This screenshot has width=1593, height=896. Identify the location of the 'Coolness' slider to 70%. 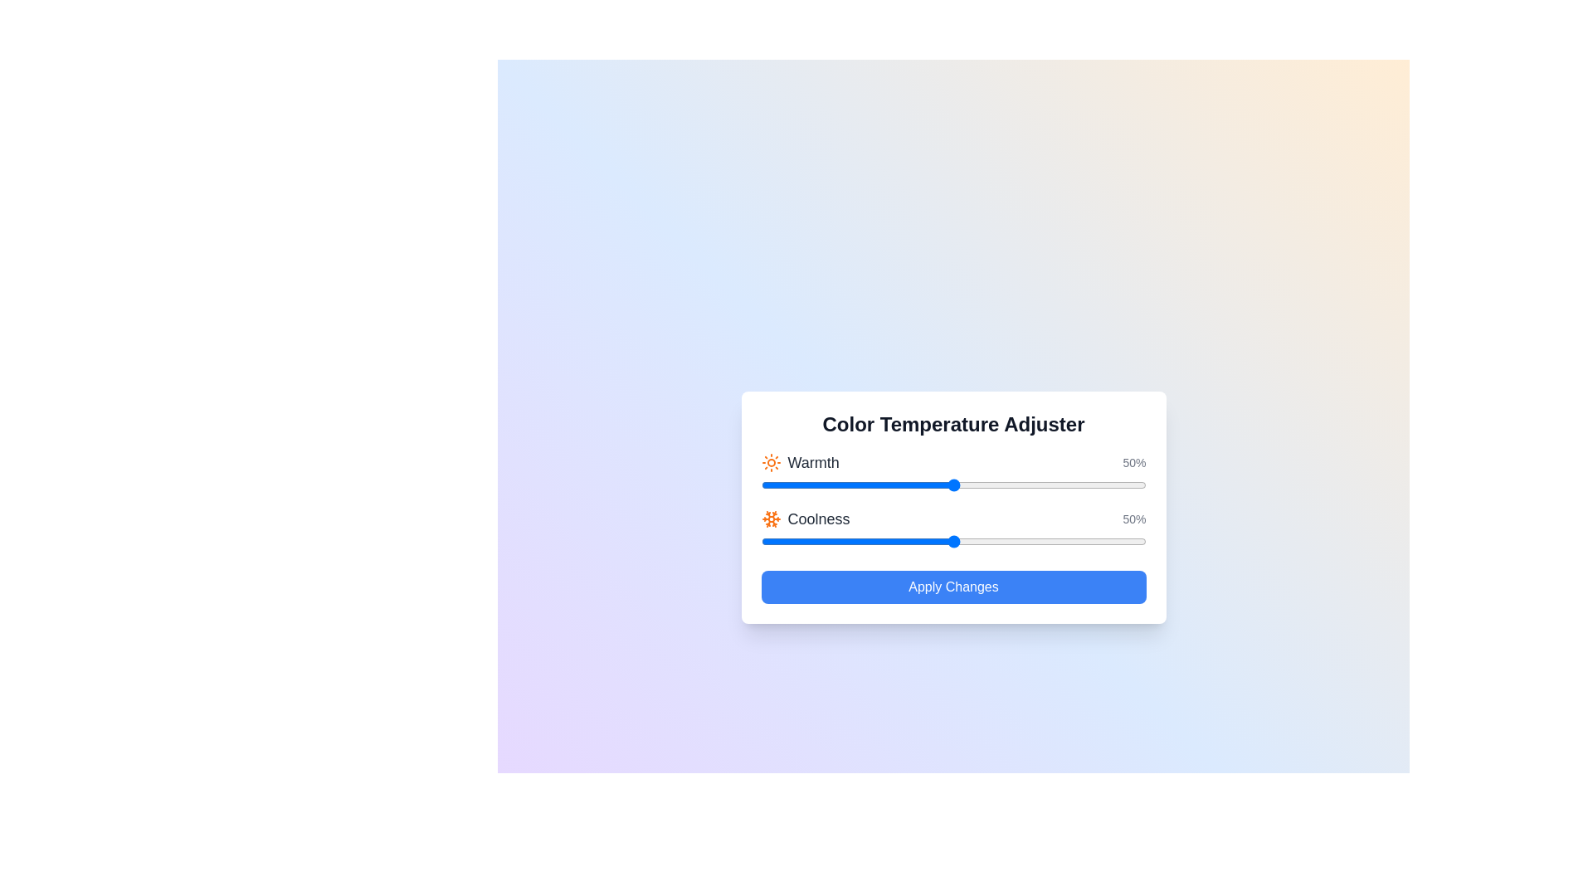
(1030, 541).